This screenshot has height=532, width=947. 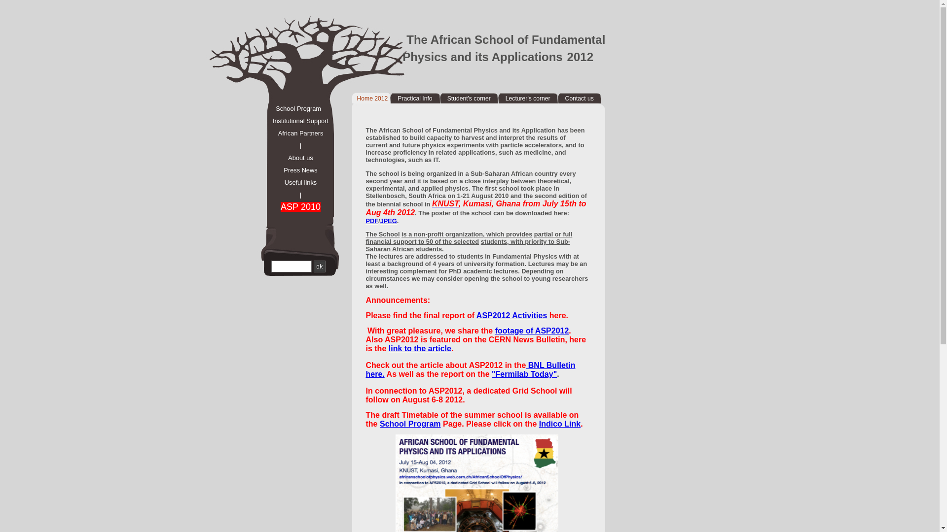 What do you see at coordinates (482, 57) in the screenshot?
I see `'Physics and its Applications'` at bounding box center [482, 57].